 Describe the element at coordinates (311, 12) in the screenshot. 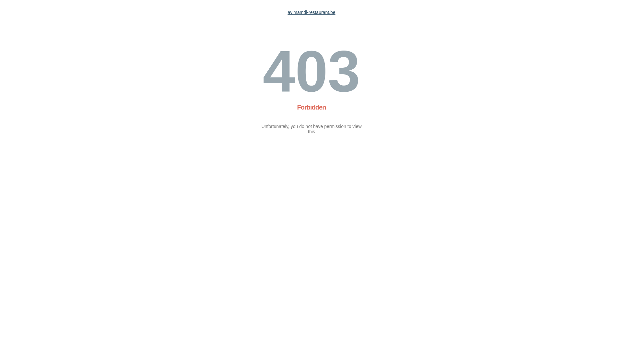

I see `'avimamdi-restaurant.be'` at that location.